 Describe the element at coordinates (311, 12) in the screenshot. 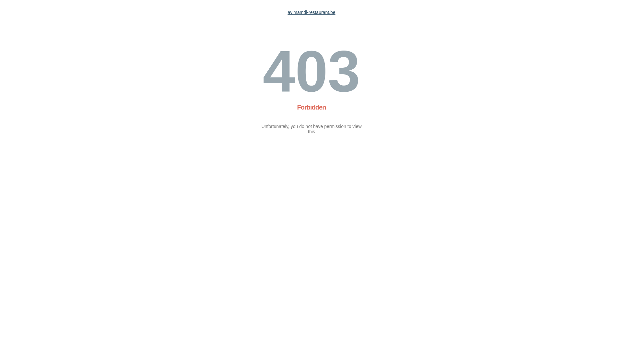

I see `'avimamdi-restaurant.be'` at that location.